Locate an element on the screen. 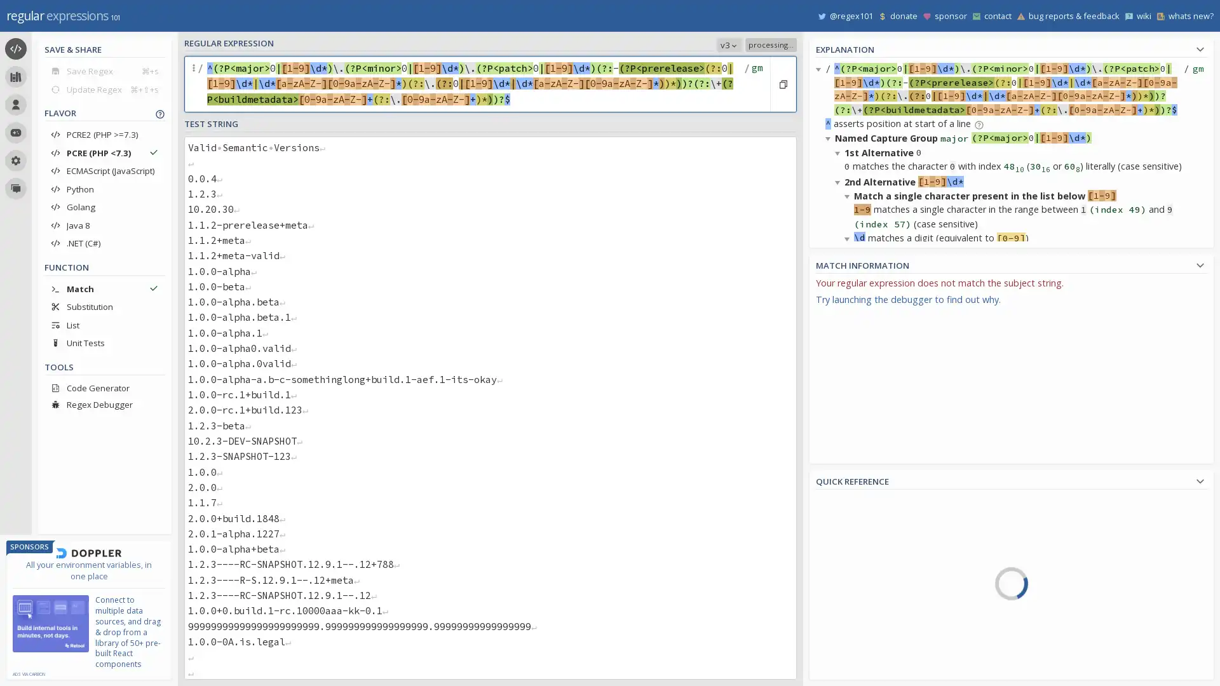 Image resolution: width=1220 pixels, height=686 pixels. Group patch is located at coordinates (850, 570).